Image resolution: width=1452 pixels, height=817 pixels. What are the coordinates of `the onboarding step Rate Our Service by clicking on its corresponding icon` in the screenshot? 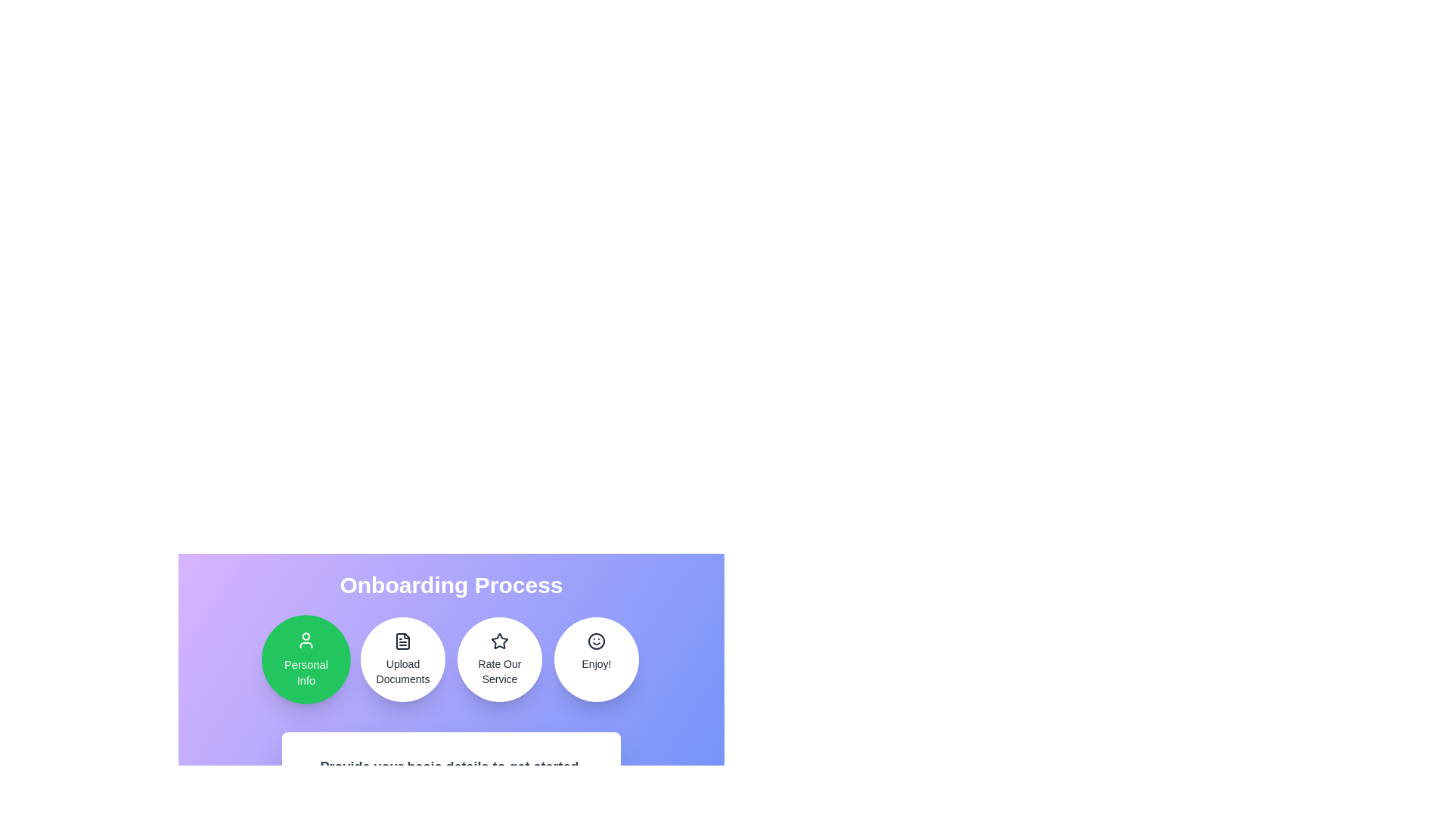 It's located at (500, 658).